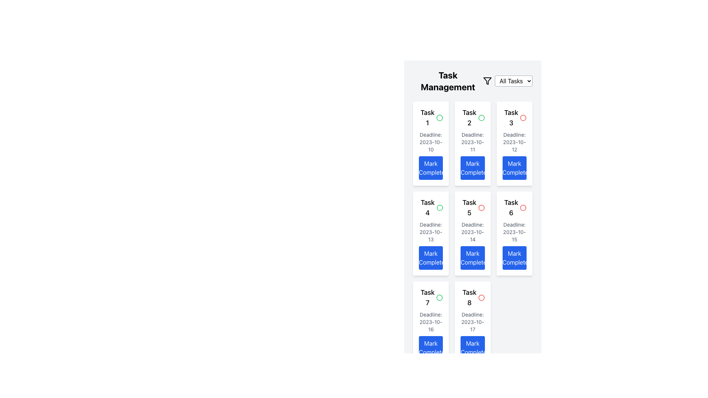 This screenshot has height=398, width=708. I want to click on the circular green outline icon next to the 'Task 2' text in the task management interface, so click(481, 118).